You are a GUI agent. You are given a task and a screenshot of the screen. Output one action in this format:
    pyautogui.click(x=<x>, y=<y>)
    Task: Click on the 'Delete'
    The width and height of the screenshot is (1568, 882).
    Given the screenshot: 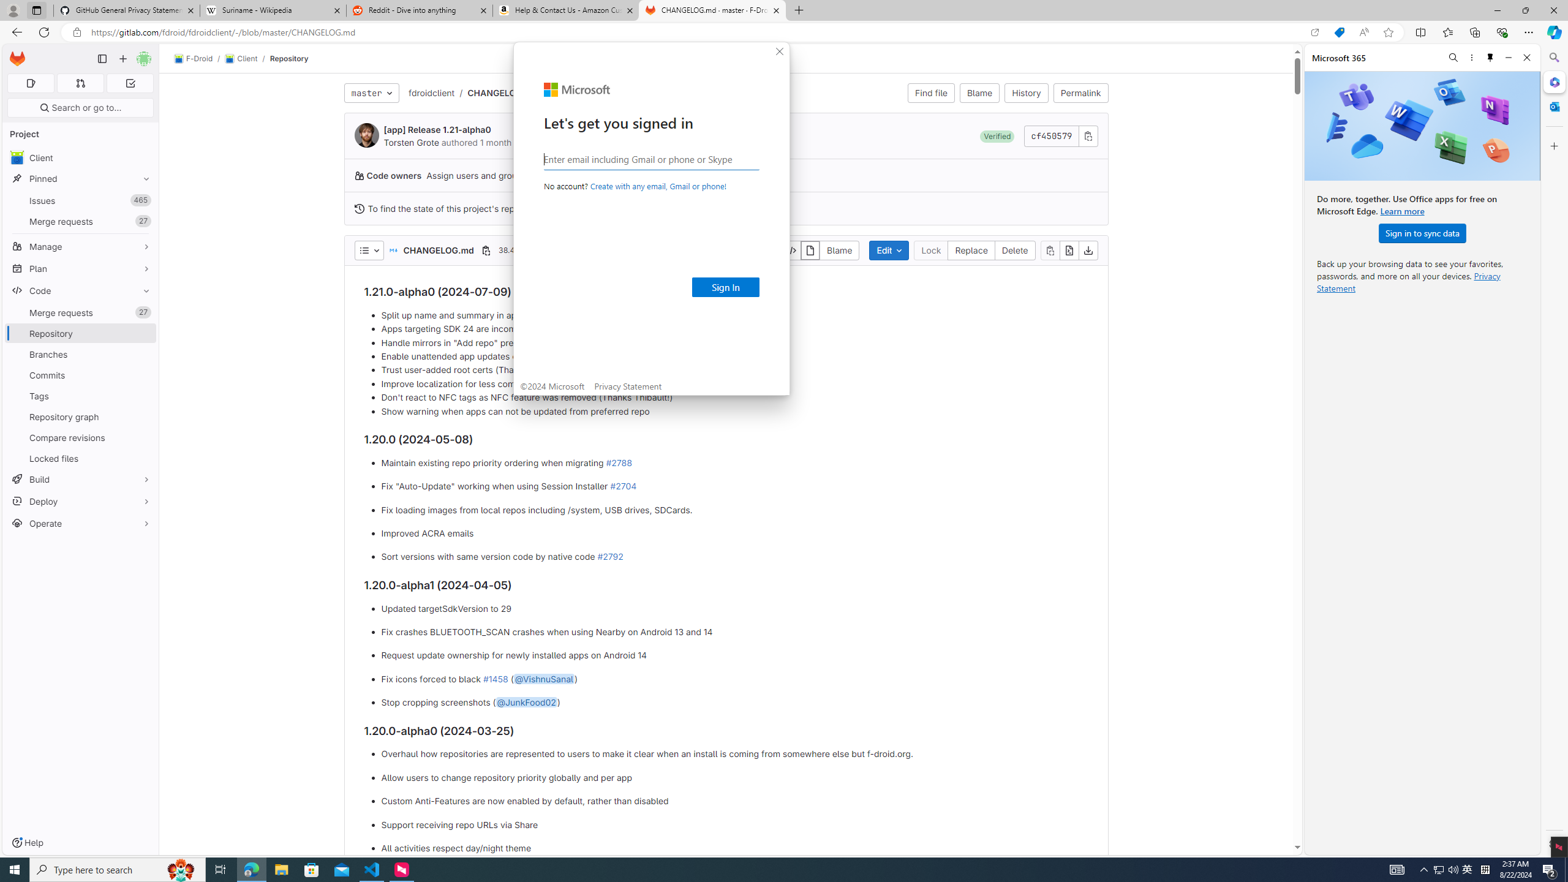 What is the action you would take?
    pyautogui.click(x=1014, y=249)
    